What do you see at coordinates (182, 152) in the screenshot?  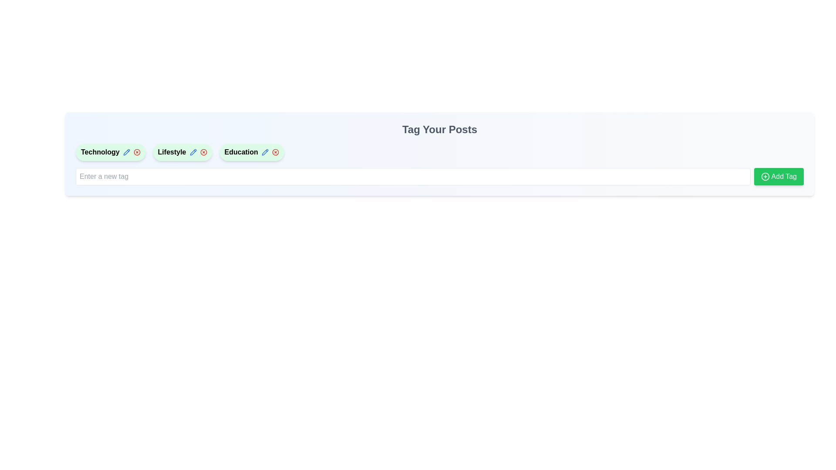 I see `the 'Lifestyle' Composite button, which features bold black text and interactive icons` at bounding box center [182, 152].